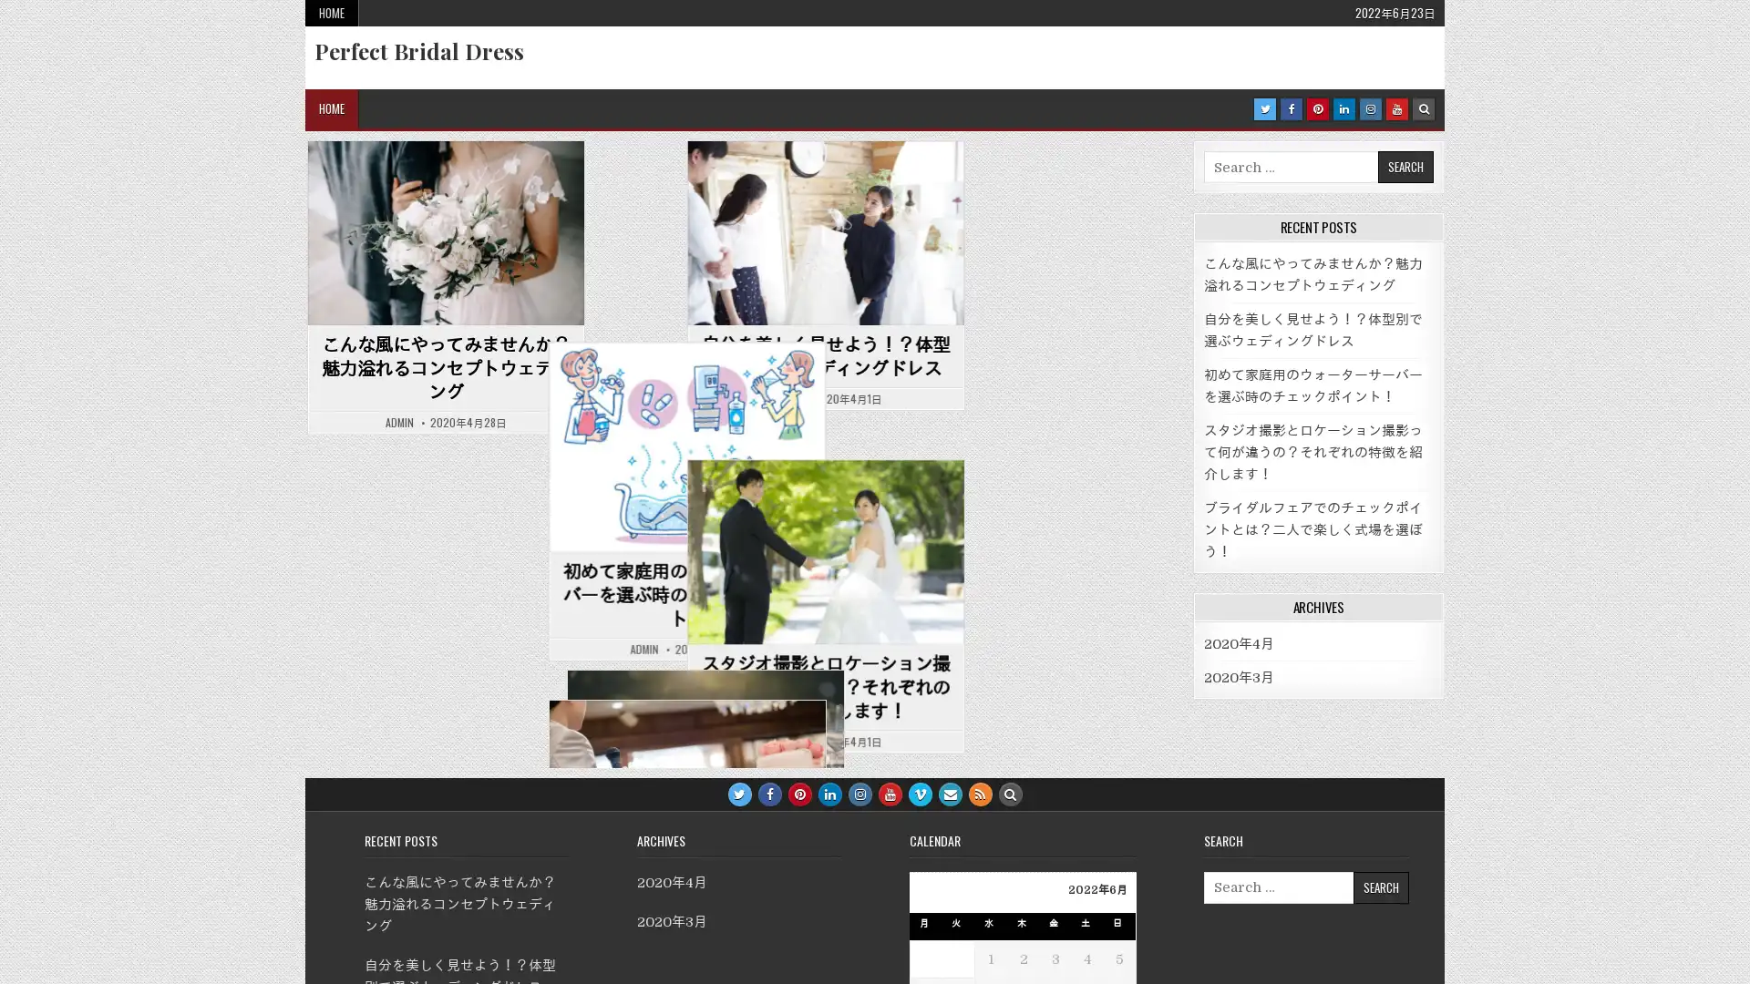  I want to click on Search, so click(1404, 167).